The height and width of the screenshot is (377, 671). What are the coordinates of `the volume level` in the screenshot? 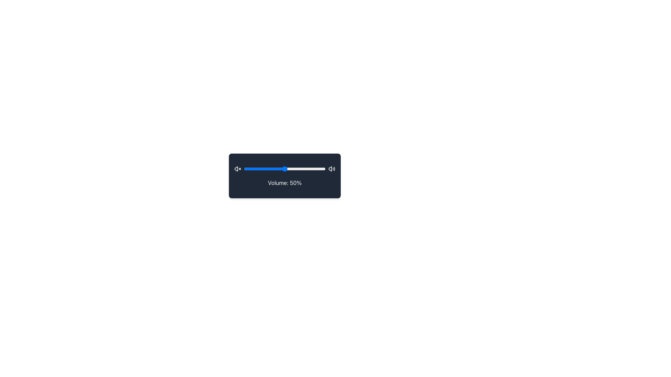 It's located at (323, 169).